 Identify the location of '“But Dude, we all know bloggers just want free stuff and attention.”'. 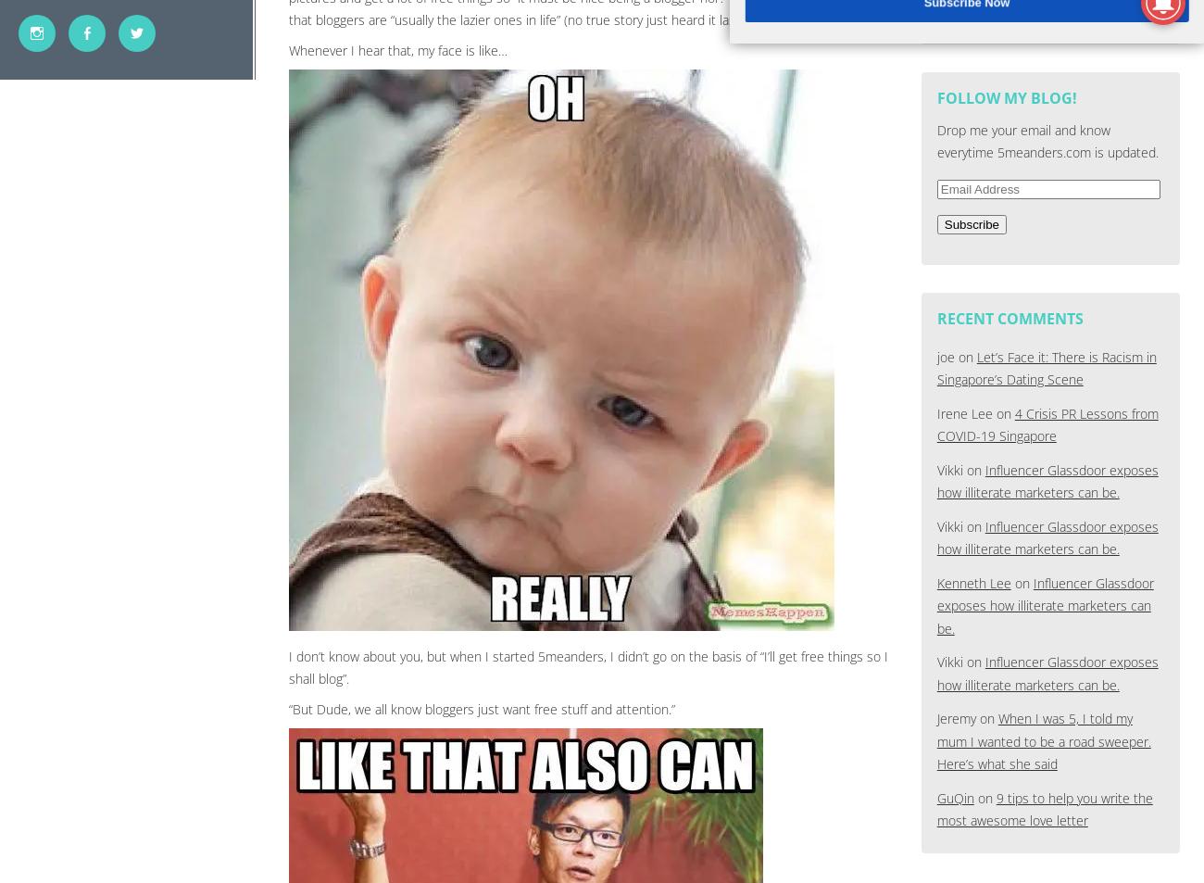
(482, 708).